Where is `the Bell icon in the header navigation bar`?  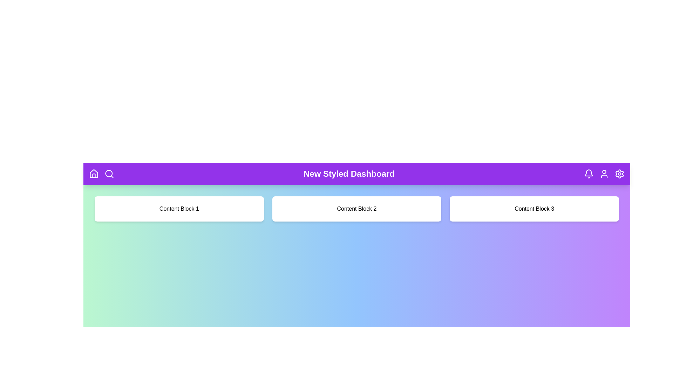
the Bell icon in the header navigation bar is located at coordinates (589, 174).